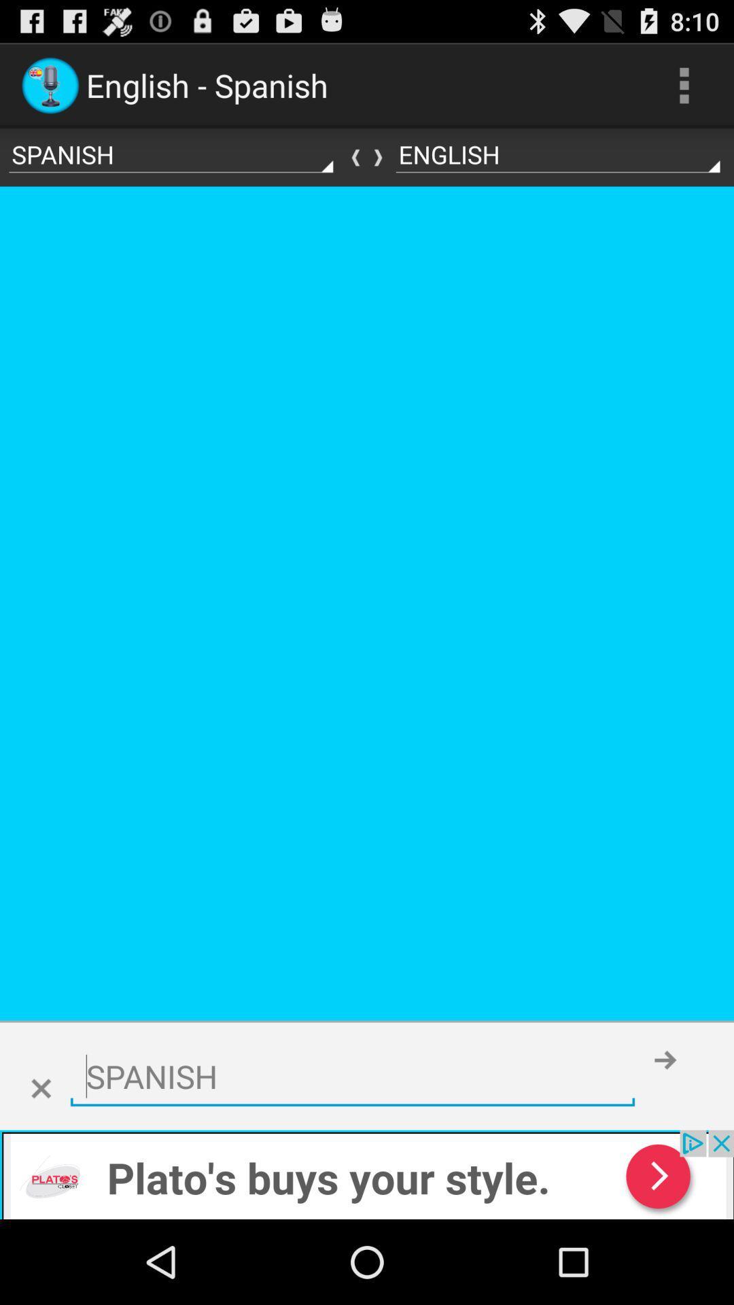  Describe the element at coordinates (40, 1089) in the screenshot. I see `clolse` at that location.